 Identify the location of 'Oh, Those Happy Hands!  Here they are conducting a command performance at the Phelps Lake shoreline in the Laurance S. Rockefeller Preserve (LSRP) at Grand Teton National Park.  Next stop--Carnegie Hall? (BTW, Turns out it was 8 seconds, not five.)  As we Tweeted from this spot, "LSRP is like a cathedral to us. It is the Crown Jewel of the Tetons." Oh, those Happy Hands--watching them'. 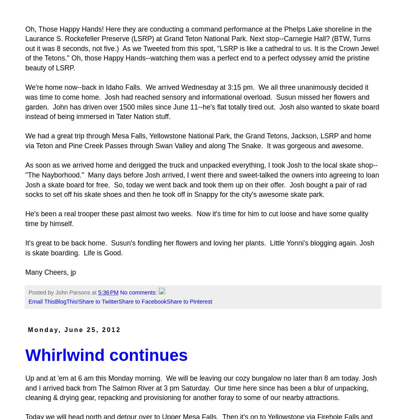
(25, 43).